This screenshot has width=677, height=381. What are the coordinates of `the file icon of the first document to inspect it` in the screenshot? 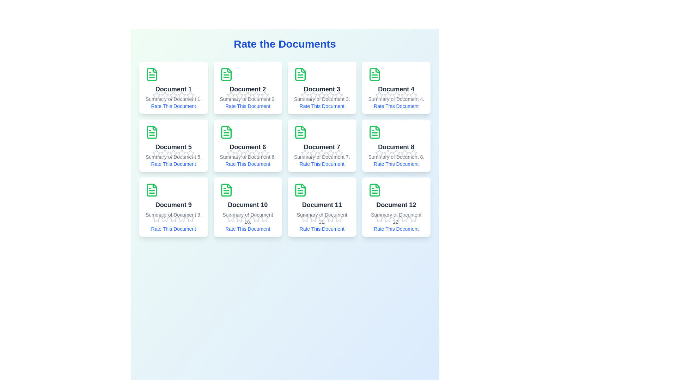 It's located at (152, 74).